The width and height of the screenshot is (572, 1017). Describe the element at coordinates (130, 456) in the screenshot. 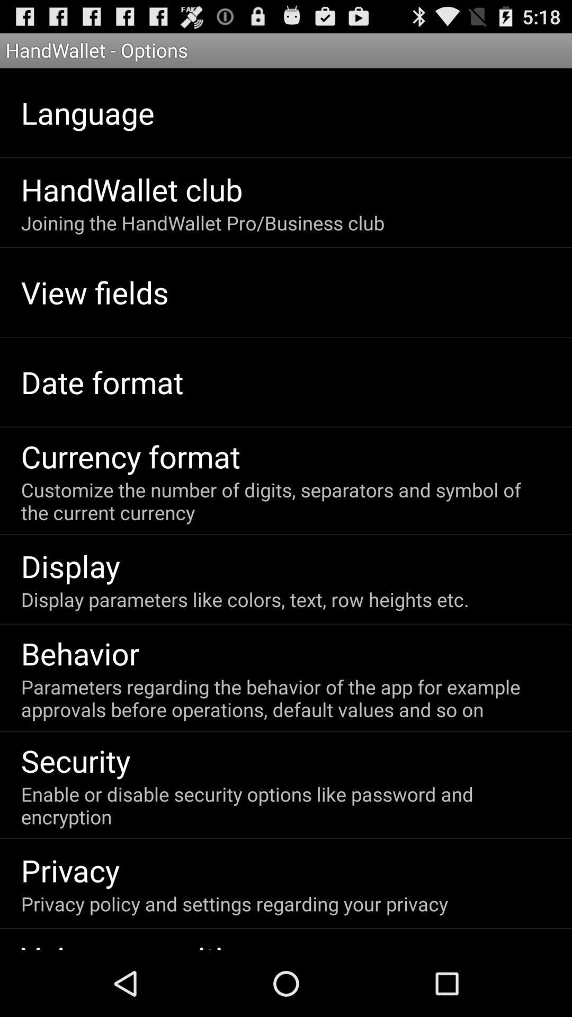

I see `the app below date format` at that location.